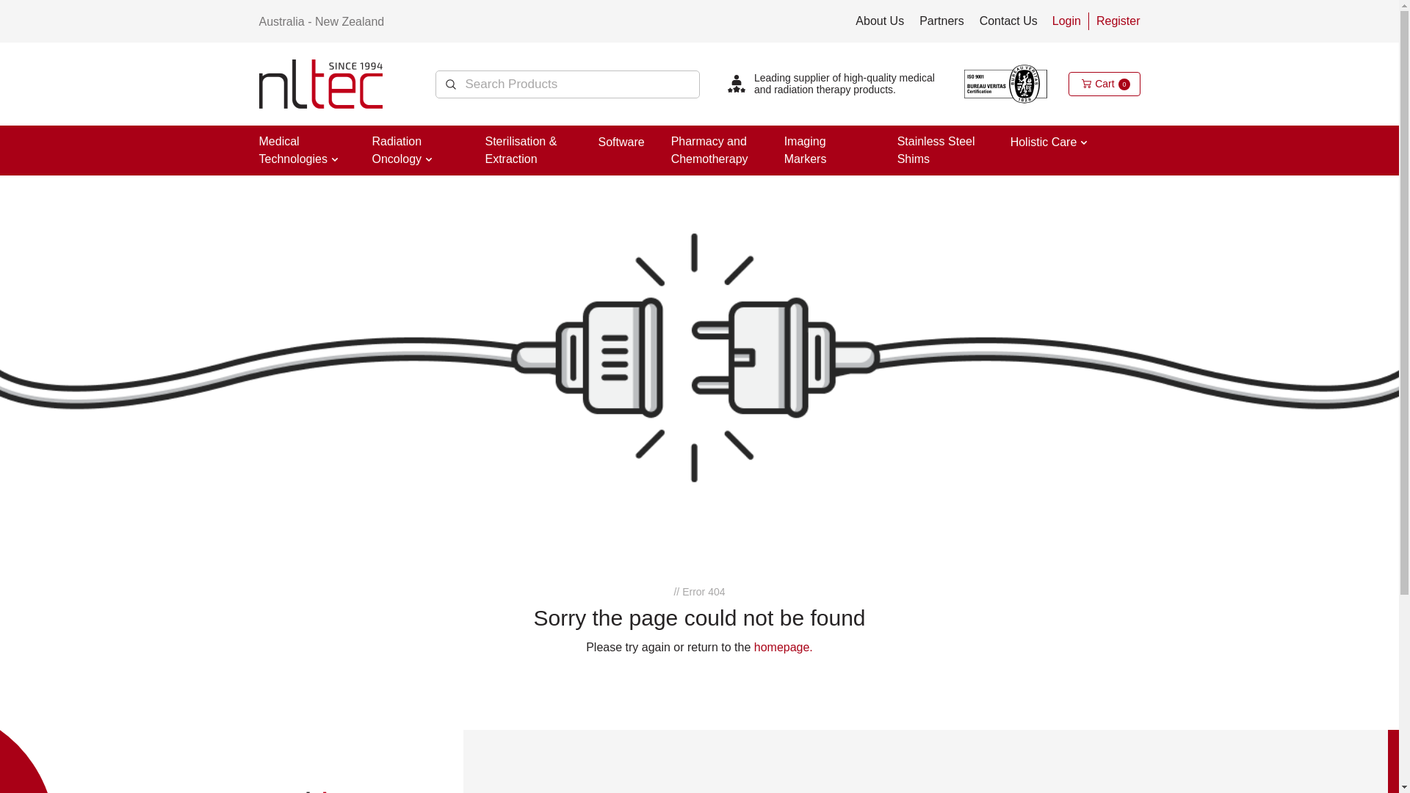  What do you see at coordinates (621, 142) in the screenshot?
I see `'Software'` at bounding box center [621, 142].